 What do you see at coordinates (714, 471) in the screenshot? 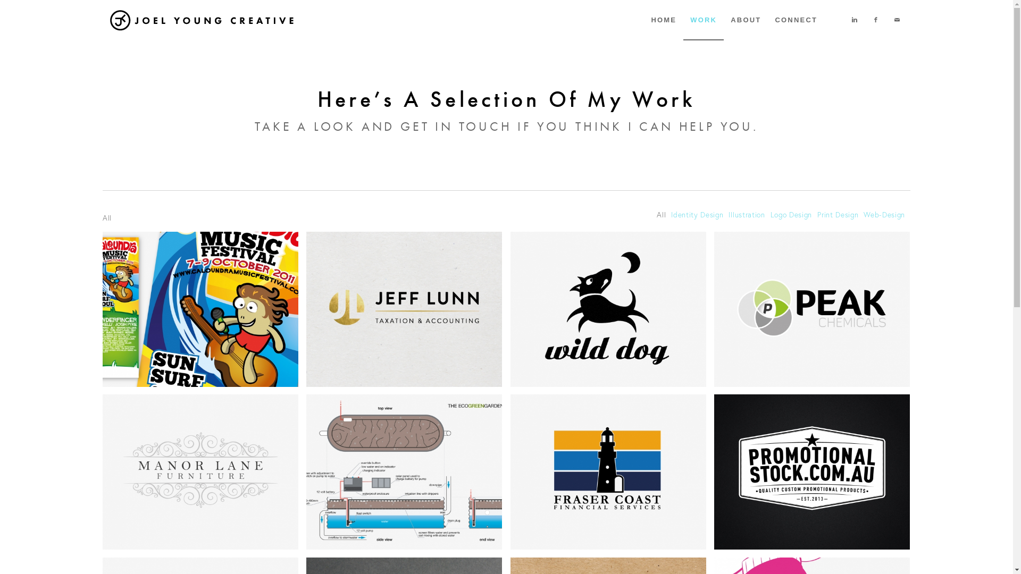
I see `'promostock-logo'` at bounding box center [714, 471].